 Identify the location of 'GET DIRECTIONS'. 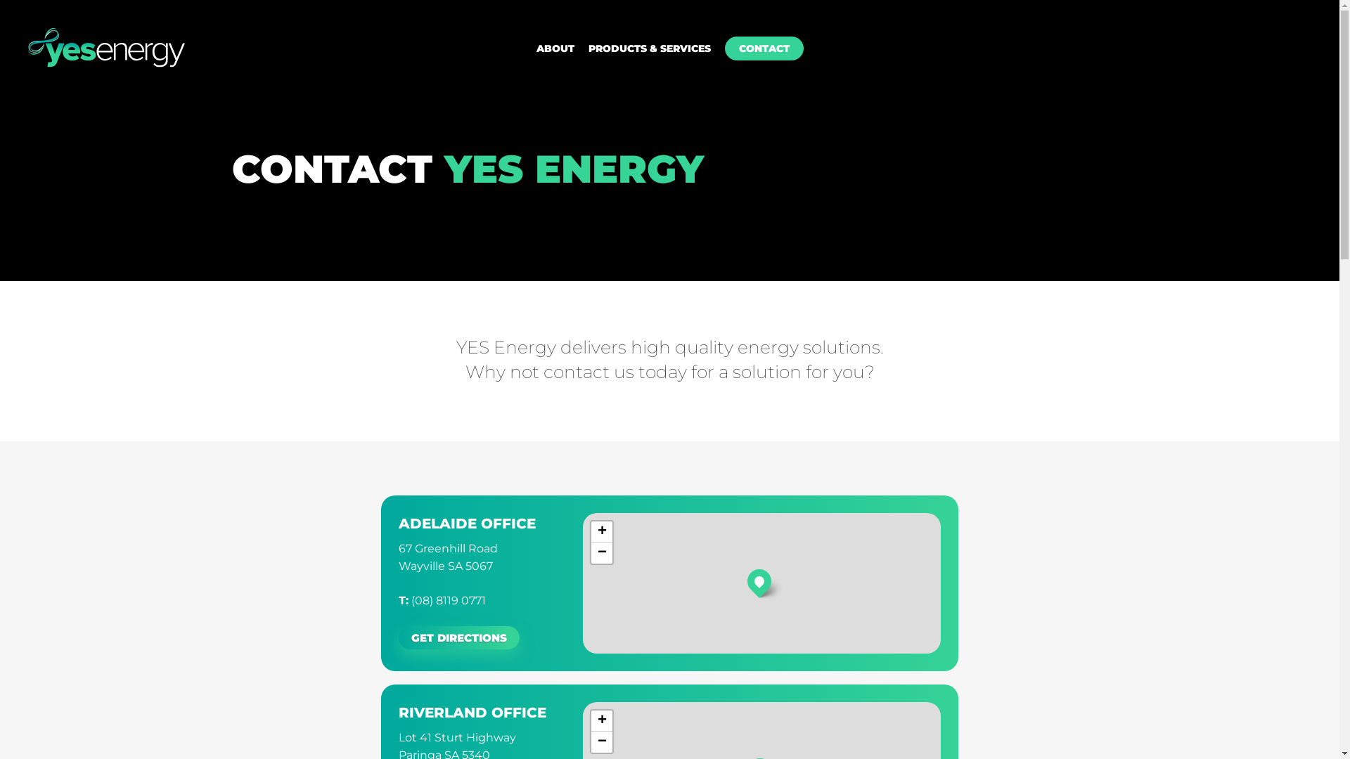
(458, 637).